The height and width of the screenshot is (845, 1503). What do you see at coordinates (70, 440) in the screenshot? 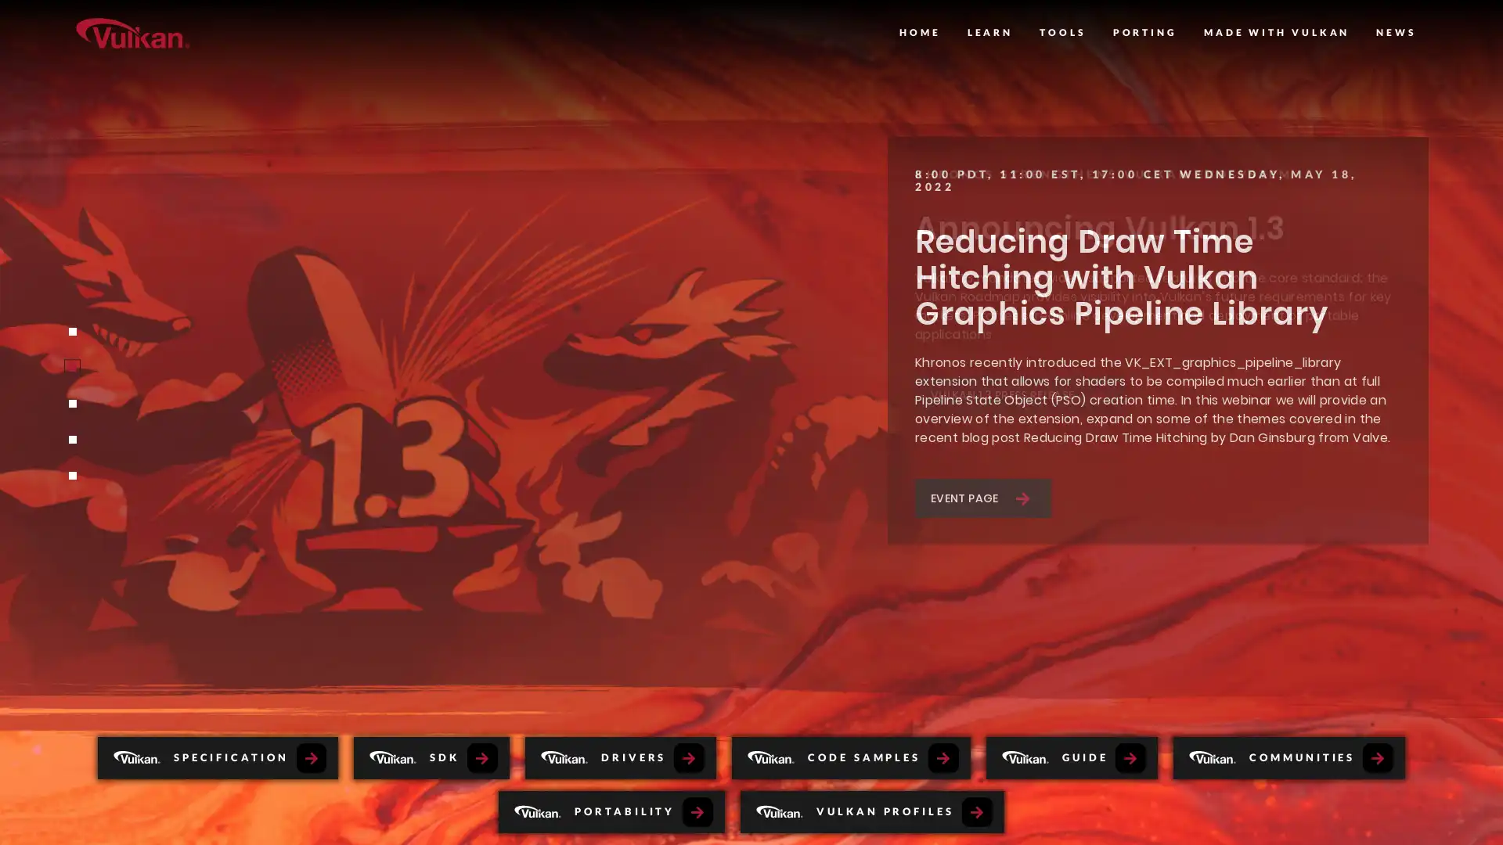
I see `4` at bounding box center [70, 440].